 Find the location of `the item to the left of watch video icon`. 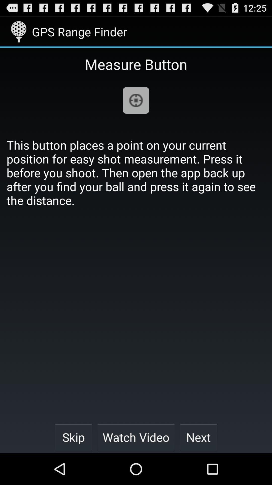

the item to the left of watch video icon is located at coordinates (73, 437).